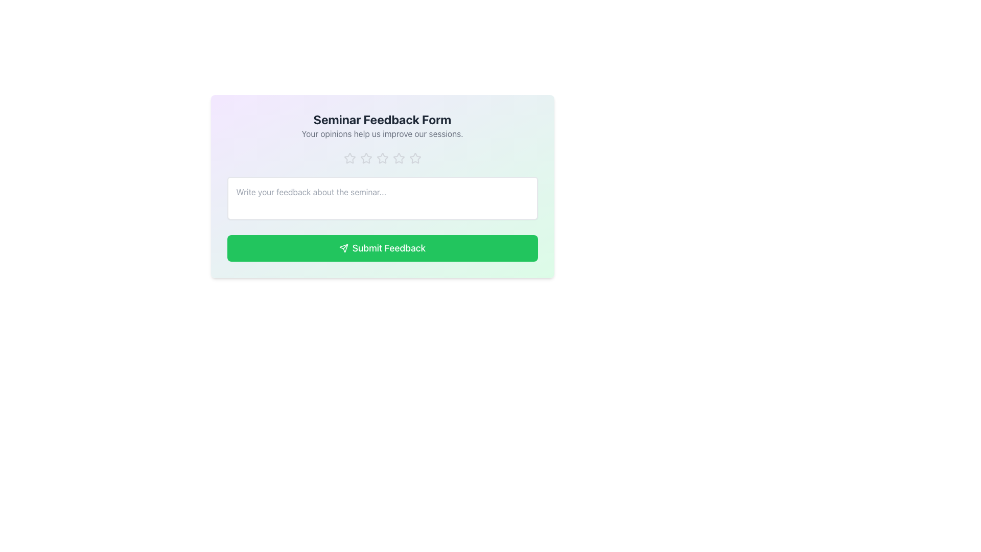 Image resolution: width=981 pixels, height=552 pixels. Describe the element at coordinates (382, 158) in the screenshot. I see `the third star-shaped icon in the horizontal row of five stars` at that location.